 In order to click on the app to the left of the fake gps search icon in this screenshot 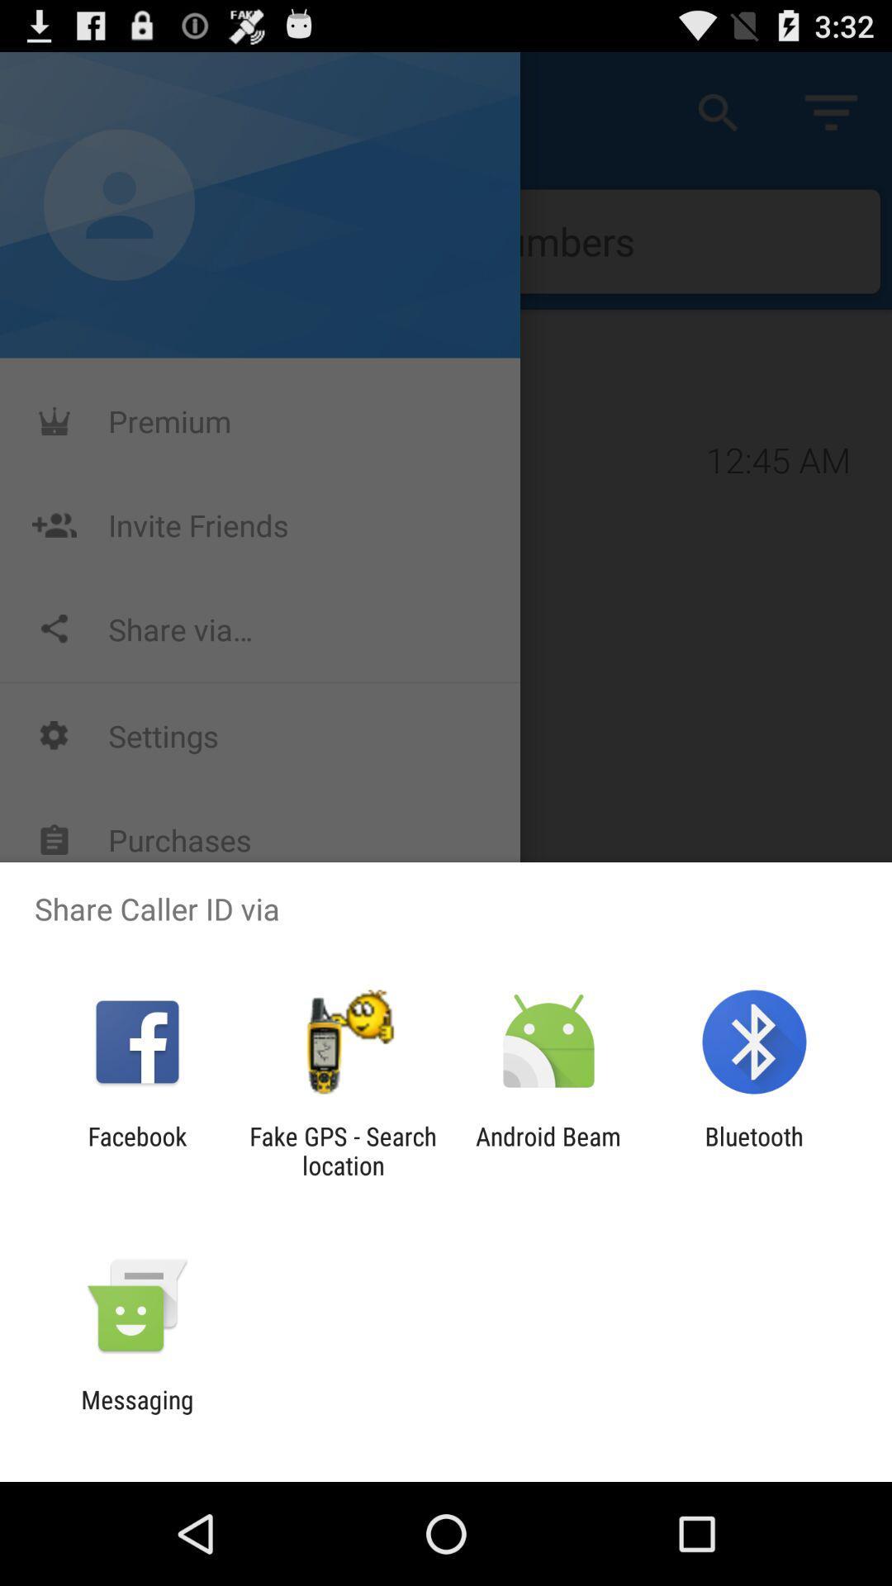, I will do `click(136, 1150)`.